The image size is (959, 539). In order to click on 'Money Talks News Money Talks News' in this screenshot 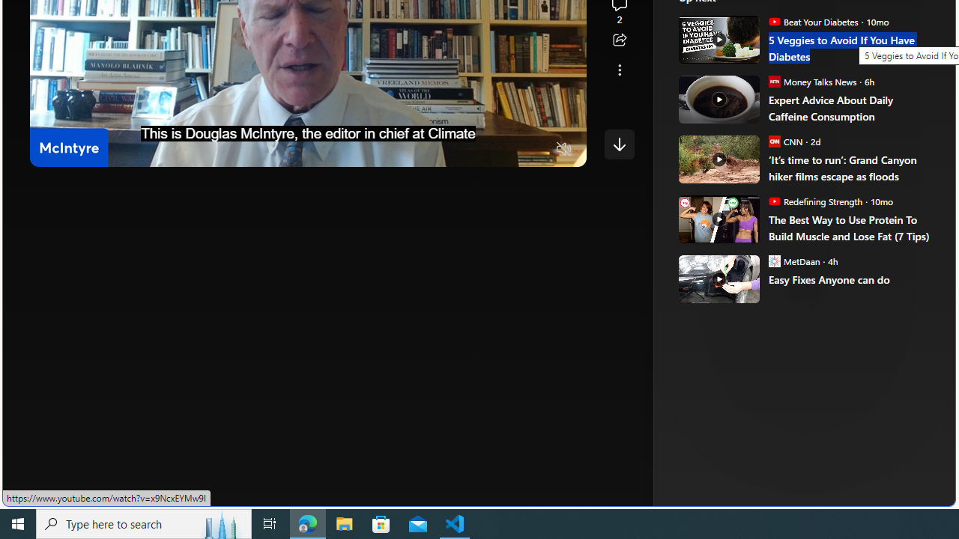, I will do `click(811, 81)`.